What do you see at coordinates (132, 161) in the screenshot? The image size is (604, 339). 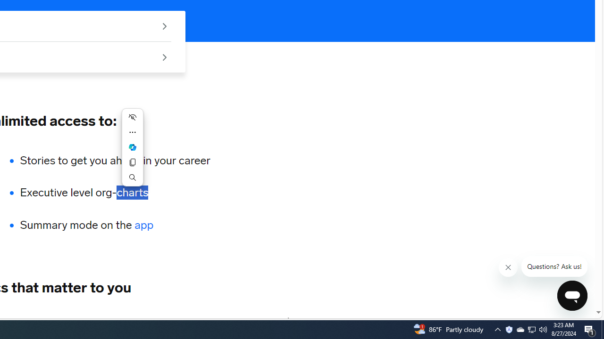 I see `'Copy'` at bounding box center [132, 161].